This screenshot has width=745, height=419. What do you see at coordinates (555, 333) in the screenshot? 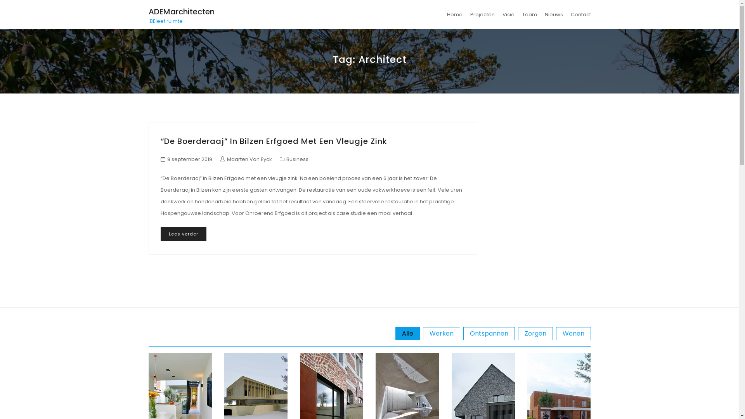
I see `'Wonen'` at bounding box center [555, 333].